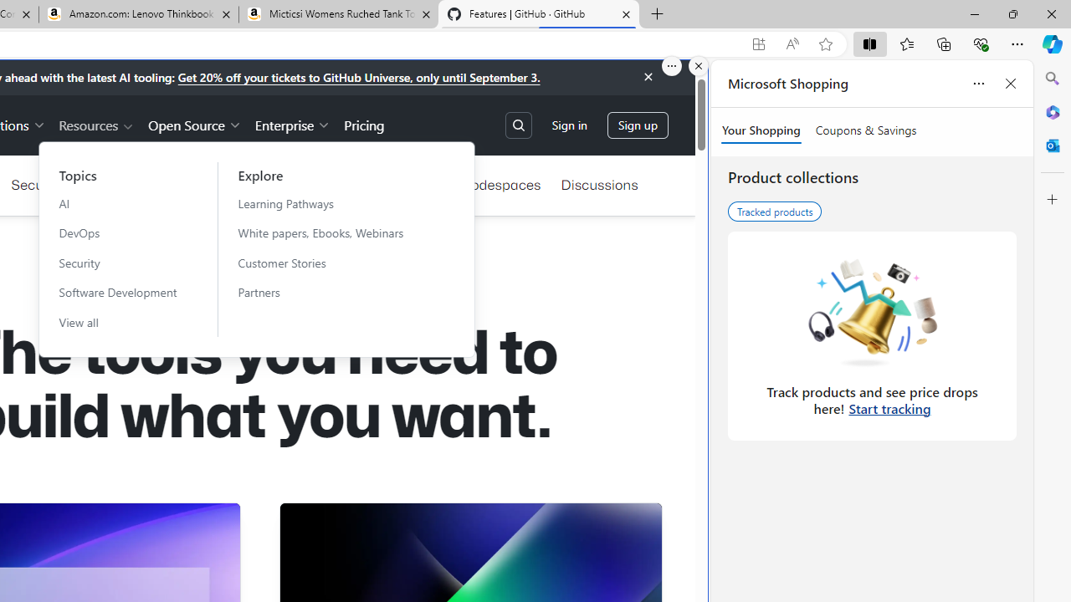  I want to click on 'AI', so click(117, 202).